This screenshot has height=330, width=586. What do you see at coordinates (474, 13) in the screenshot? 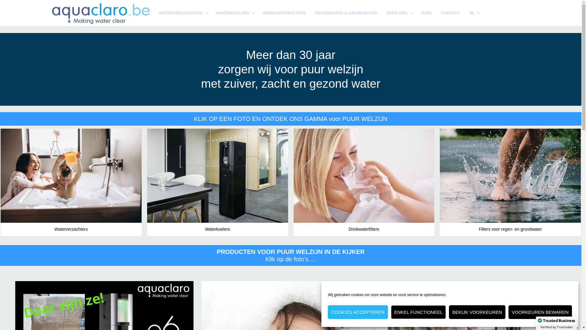
I see `'NL` at bounding box center [474, 13].